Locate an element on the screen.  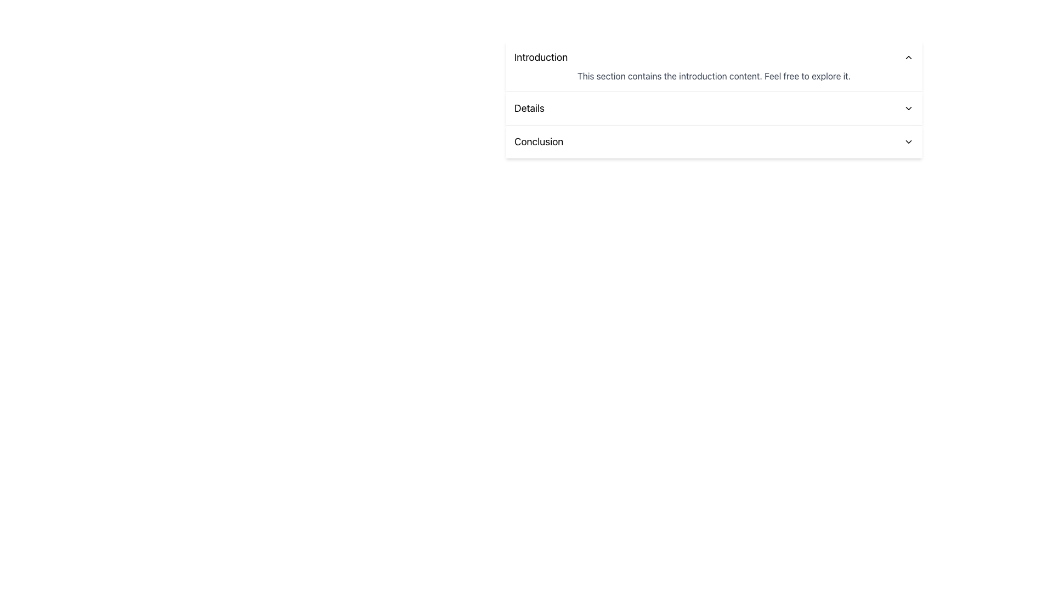
the Chevron toggle icon on the right side of the 'Introduction' section is located at coordinates (908, 57).